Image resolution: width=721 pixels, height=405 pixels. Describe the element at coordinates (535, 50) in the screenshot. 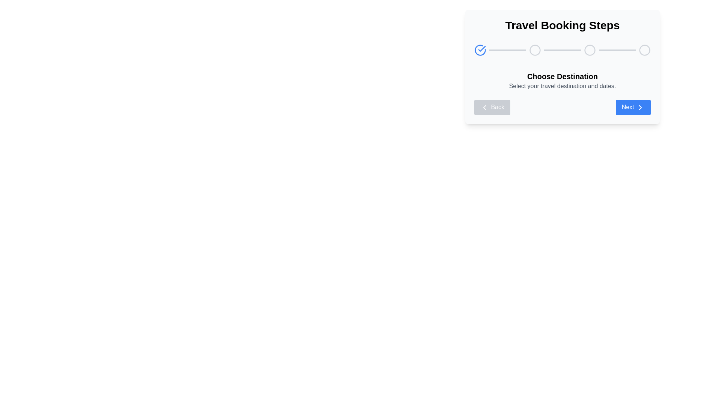

I see `the second circular progress indicator with a gray border in the step-based interface, located above the text 'Choose Destination'` at that location.